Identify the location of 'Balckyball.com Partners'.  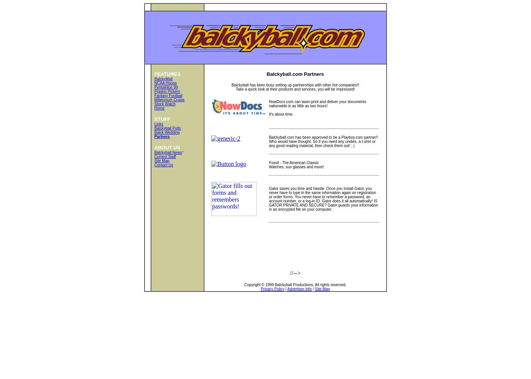
(266, 74).